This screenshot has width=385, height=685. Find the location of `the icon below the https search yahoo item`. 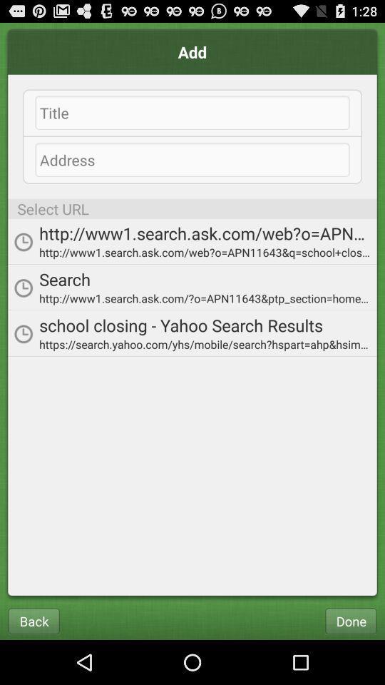

the icon below the https search yahoo item is located at coordinates (350, 620).